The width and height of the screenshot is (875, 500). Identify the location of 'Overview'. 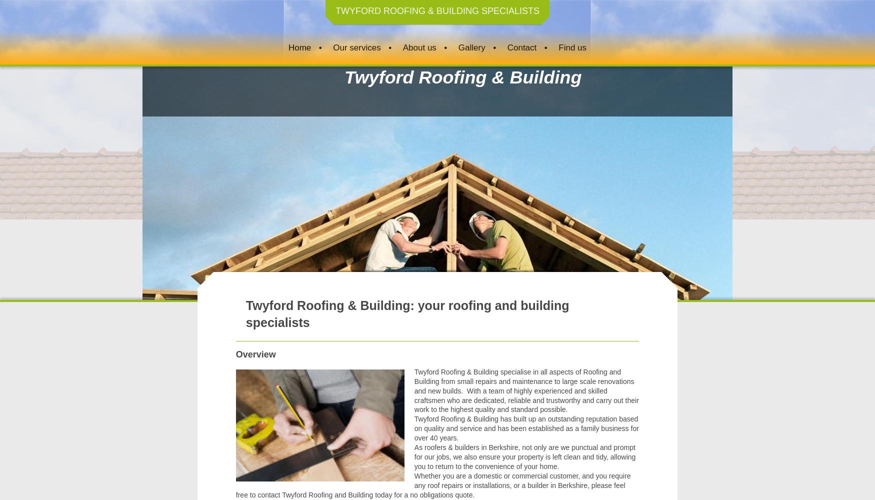
(254, 353).